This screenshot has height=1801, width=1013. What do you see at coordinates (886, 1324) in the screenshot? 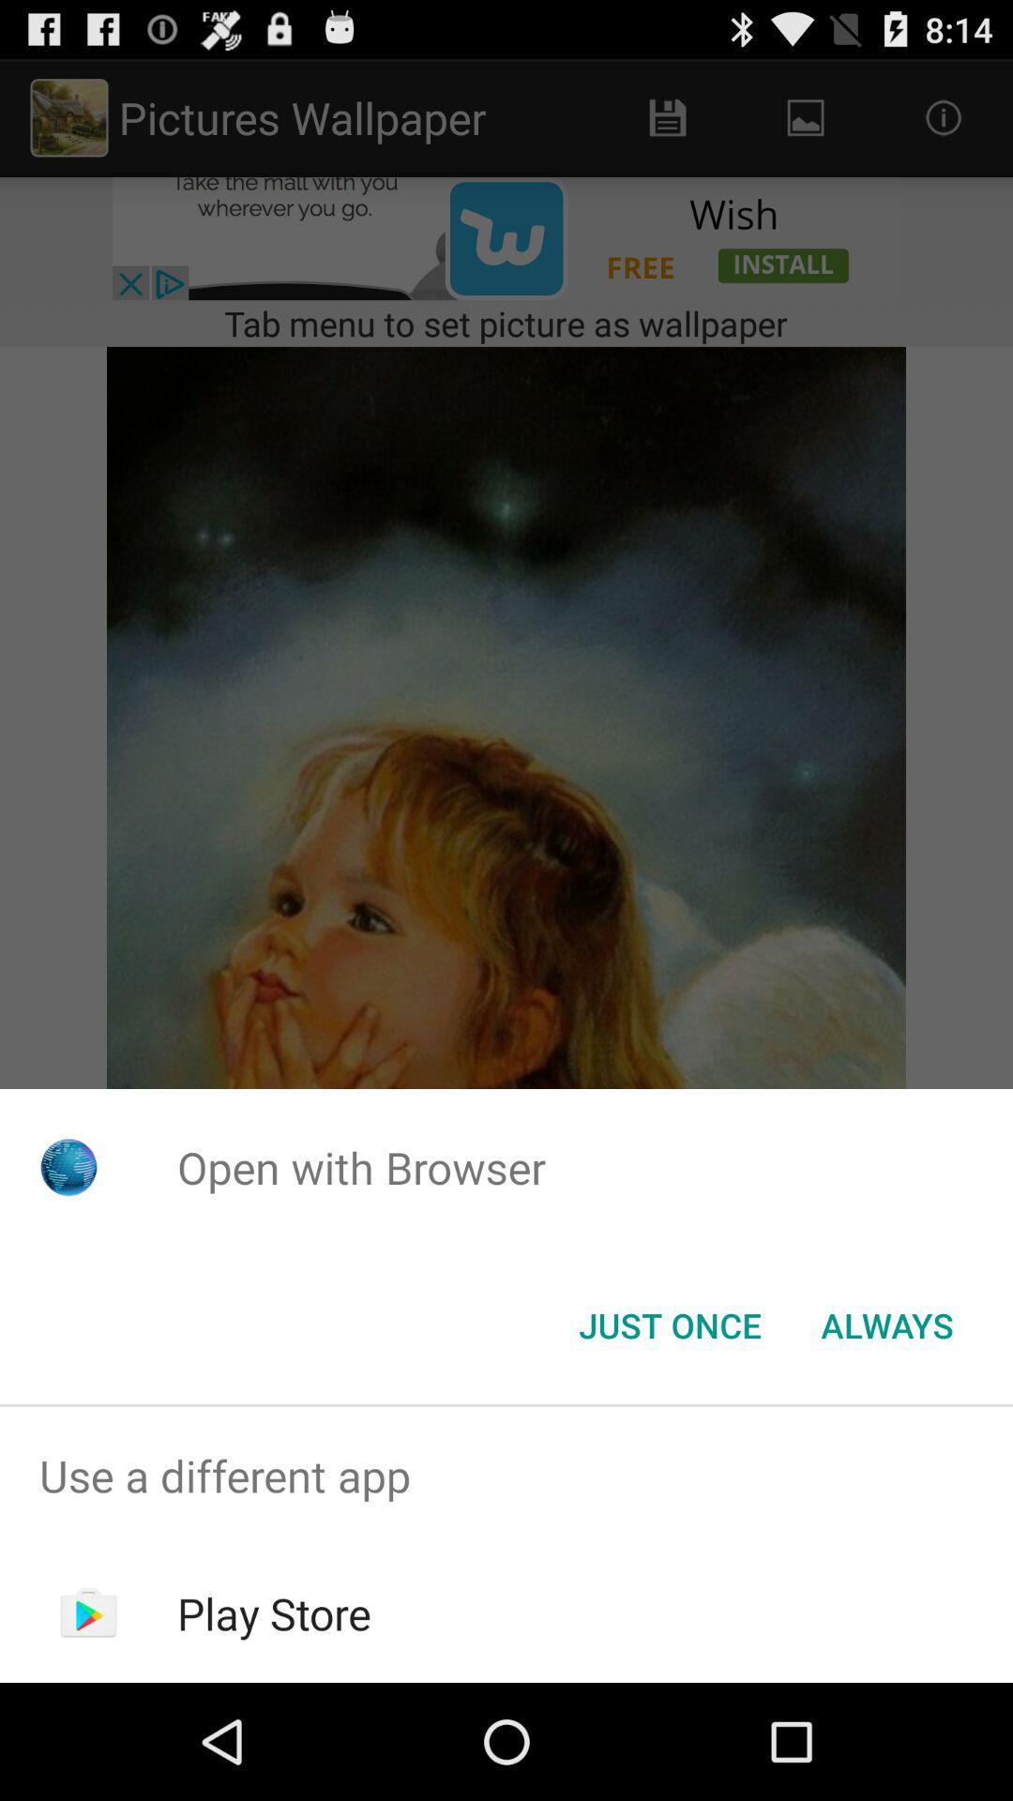
I see `item next to just once icon` at bounding box center [886, 1324].